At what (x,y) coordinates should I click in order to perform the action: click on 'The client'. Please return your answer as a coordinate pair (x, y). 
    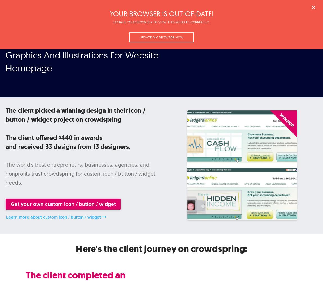
    Looking at the image, I should click on (20, 137).